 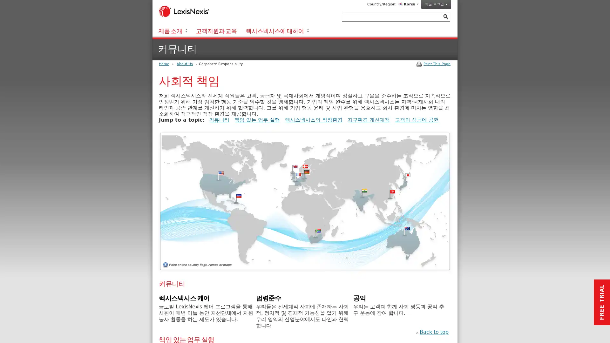 I want to click on Search, so click(x=445, y=16).